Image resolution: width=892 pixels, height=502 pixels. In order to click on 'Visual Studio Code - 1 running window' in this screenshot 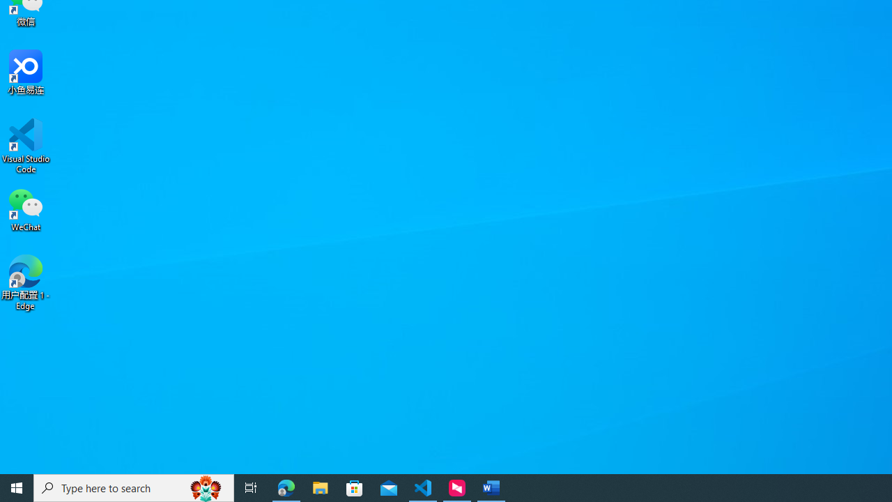, I will do `click(422, 487)`.